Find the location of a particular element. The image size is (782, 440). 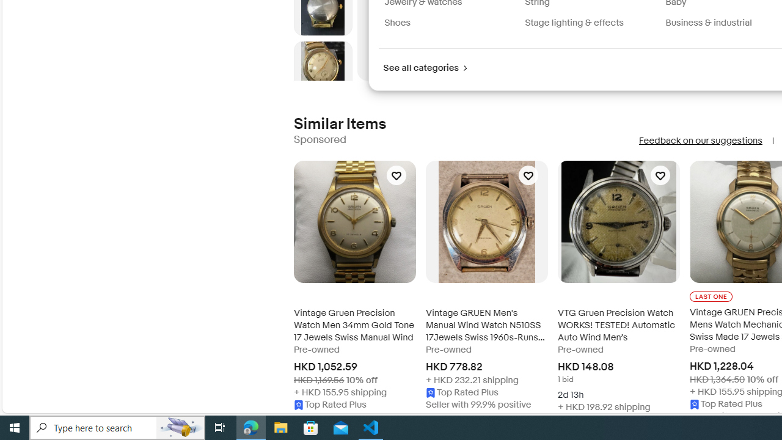

'Feedback on our suggestions' is located at coordinates (700, 140).